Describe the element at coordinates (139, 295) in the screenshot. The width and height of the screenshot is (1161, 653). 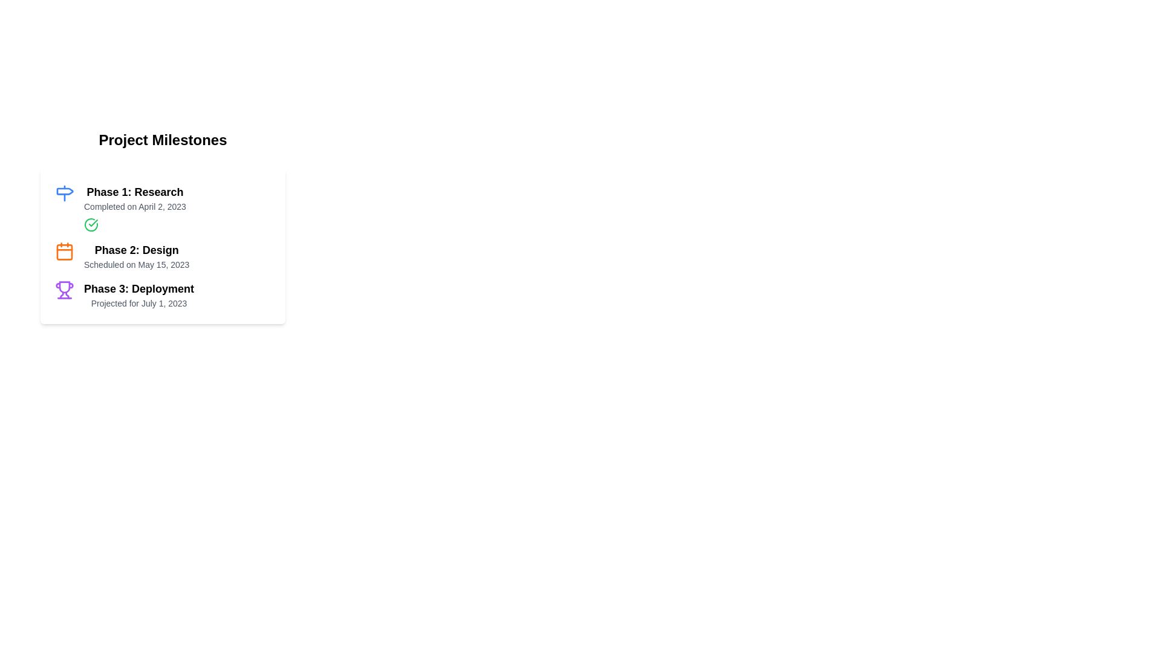
I see `text content of the informational Text Label displaying 'Phase 3: Deployment' and its scheduled timeframe 'Projected for July 1, 2023', which is the third item in a vertical list of milestones, identified by the purple trophy icon to its left` at that location.